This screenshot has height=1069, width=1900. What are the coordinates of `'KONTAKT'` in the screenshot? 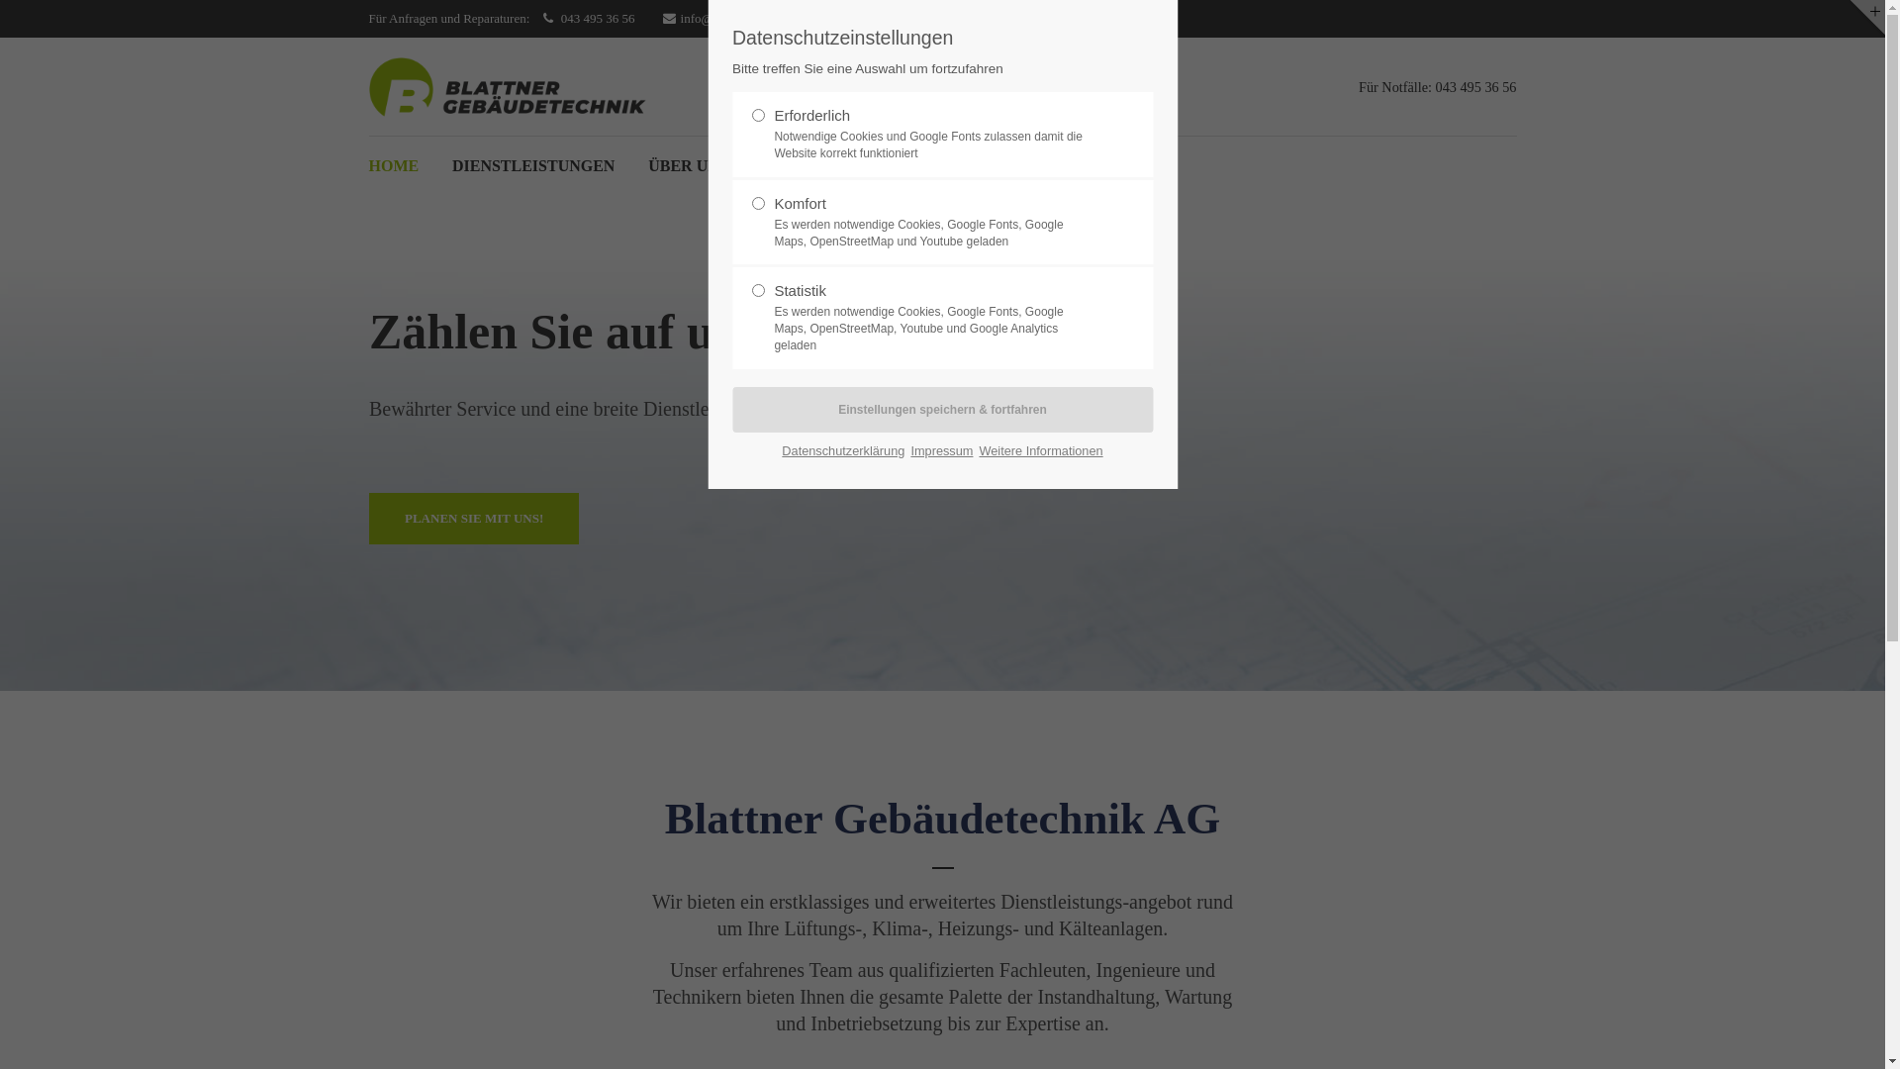 It's located at (801, 165).